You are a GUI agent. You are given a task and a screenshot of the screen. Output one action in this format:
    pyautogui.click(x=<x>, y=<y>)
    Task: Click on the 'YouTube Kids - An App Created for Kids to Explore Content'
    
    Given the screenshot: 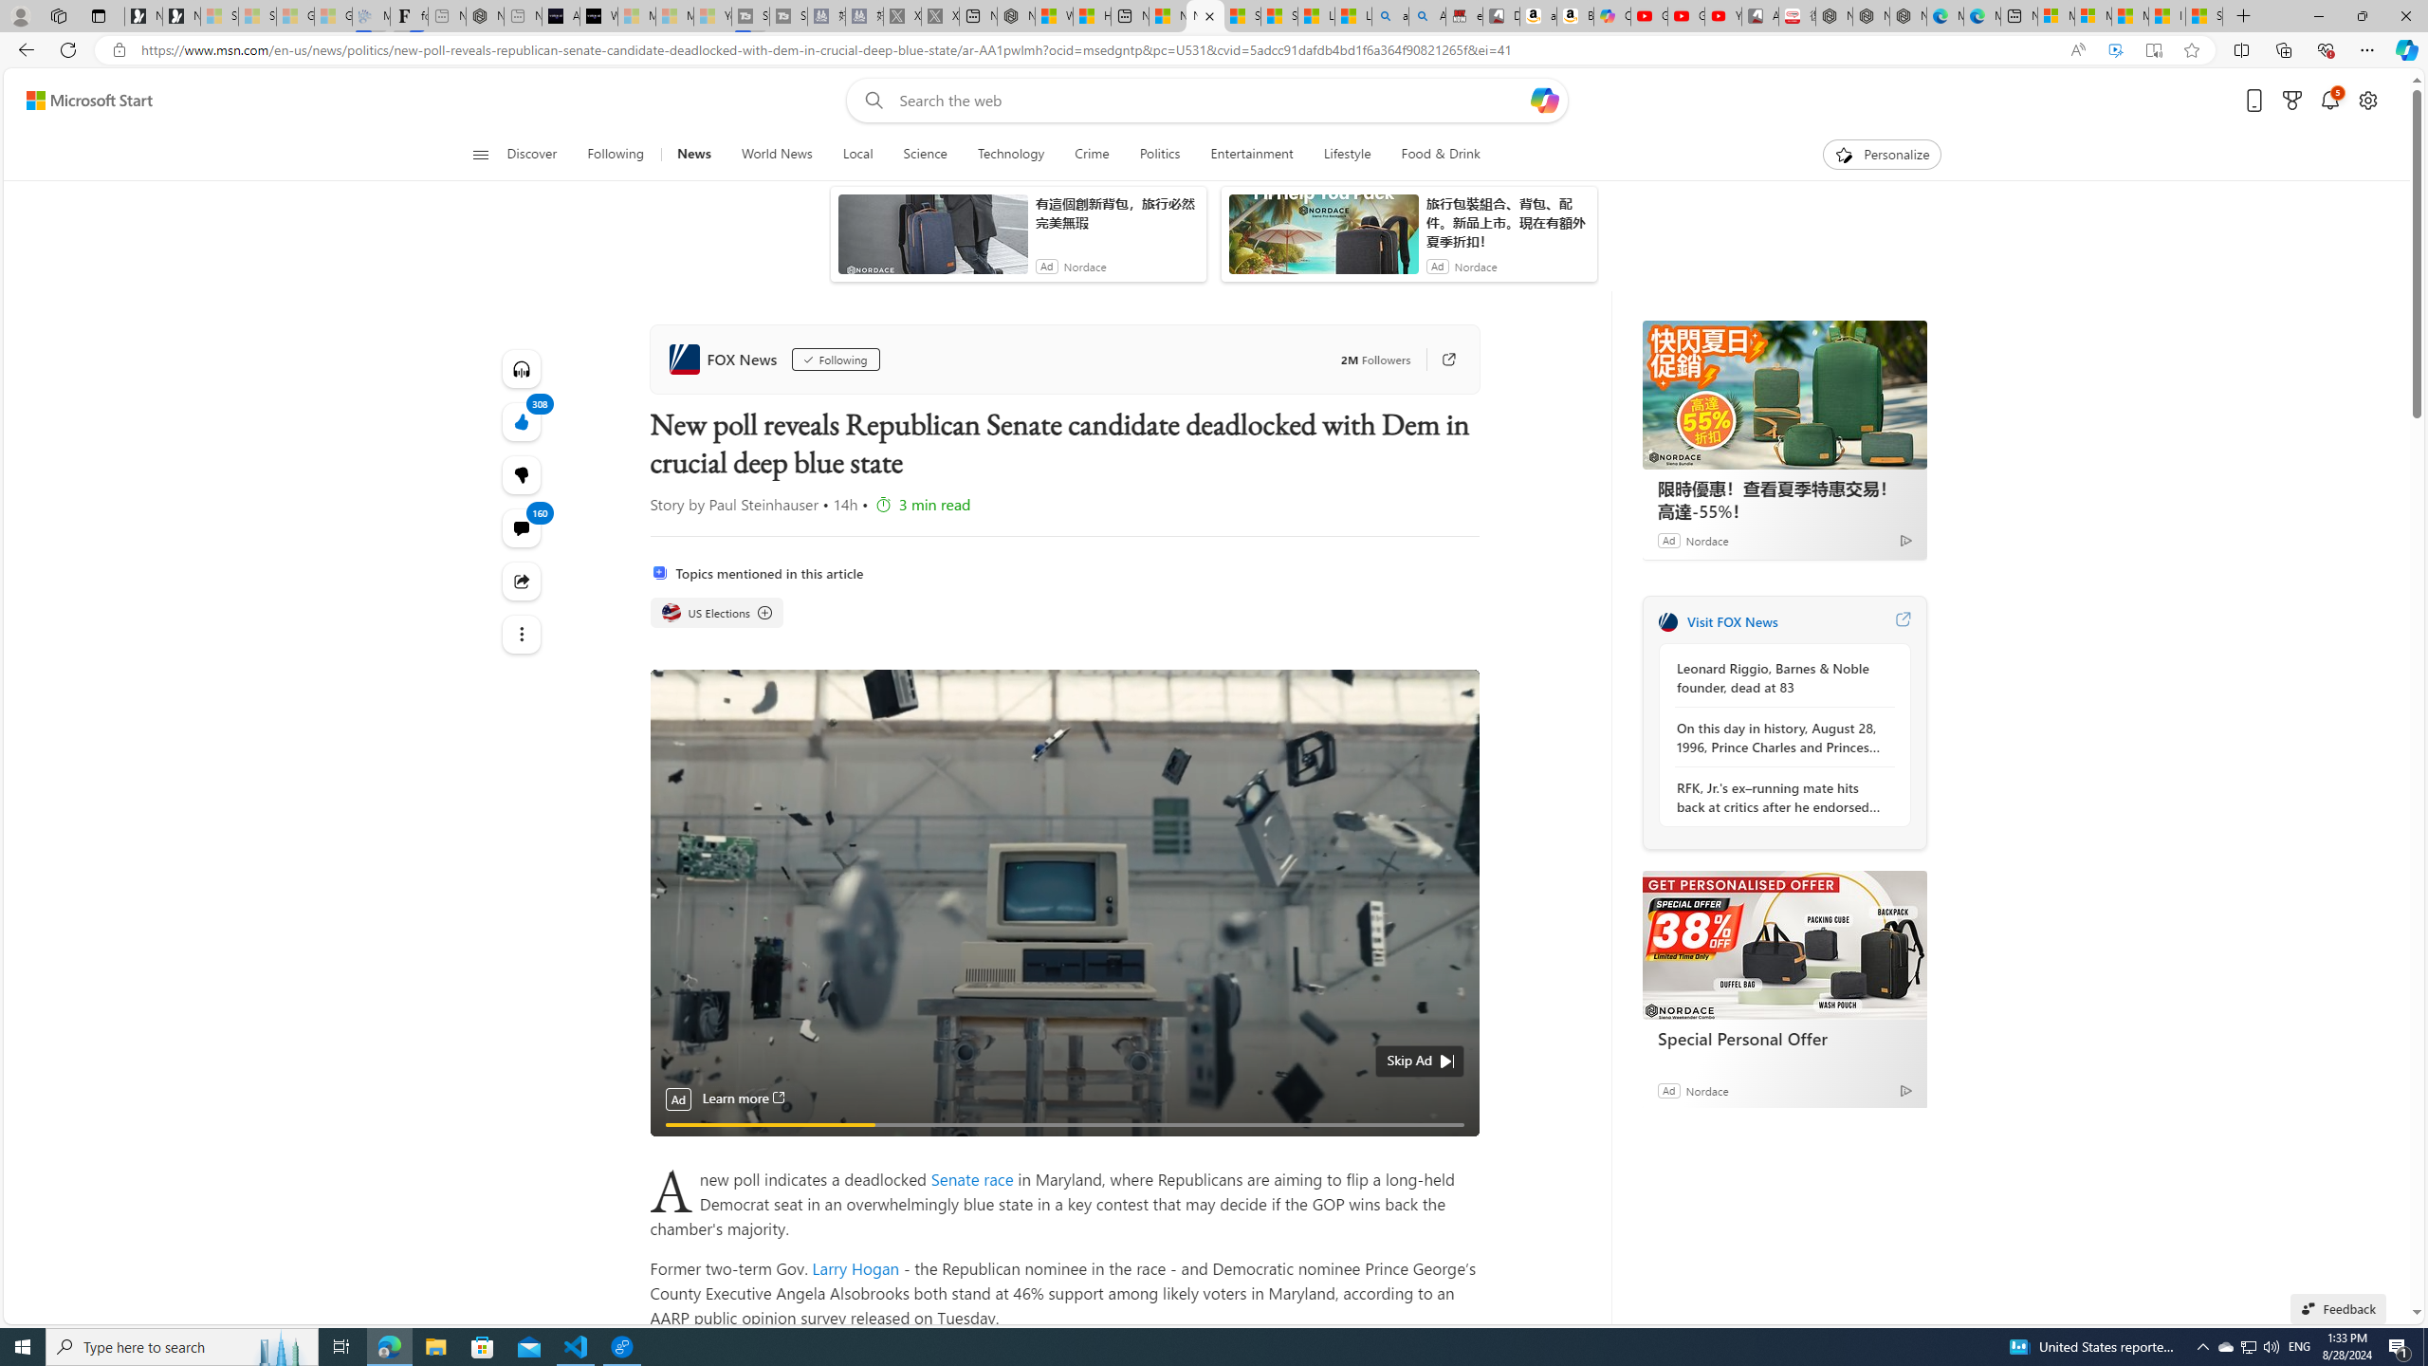 What is the action you would take?
    pyautogui.click(x=1723, y=15)
    